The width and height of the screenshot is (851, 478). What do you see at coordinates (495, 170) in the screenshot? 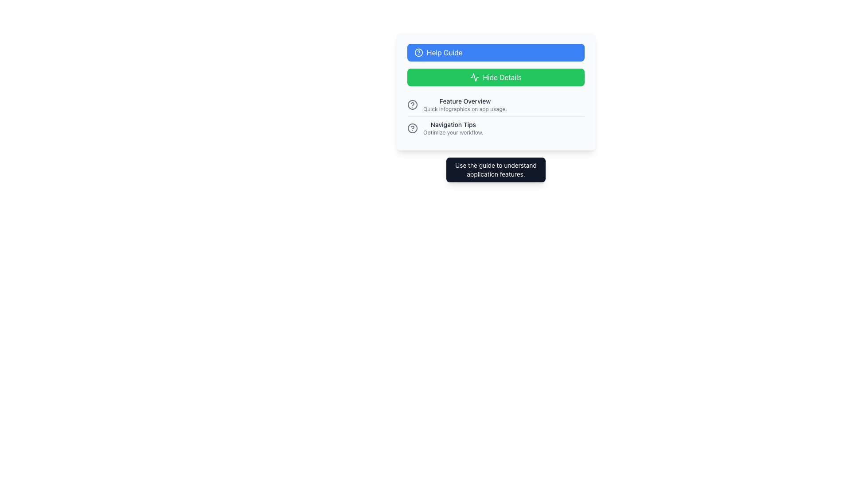
I see `instructional text from the Tooltip element, which has a black background and white text, stating 'Use the guide to understand application features.'` at bounding box center [495, 170].